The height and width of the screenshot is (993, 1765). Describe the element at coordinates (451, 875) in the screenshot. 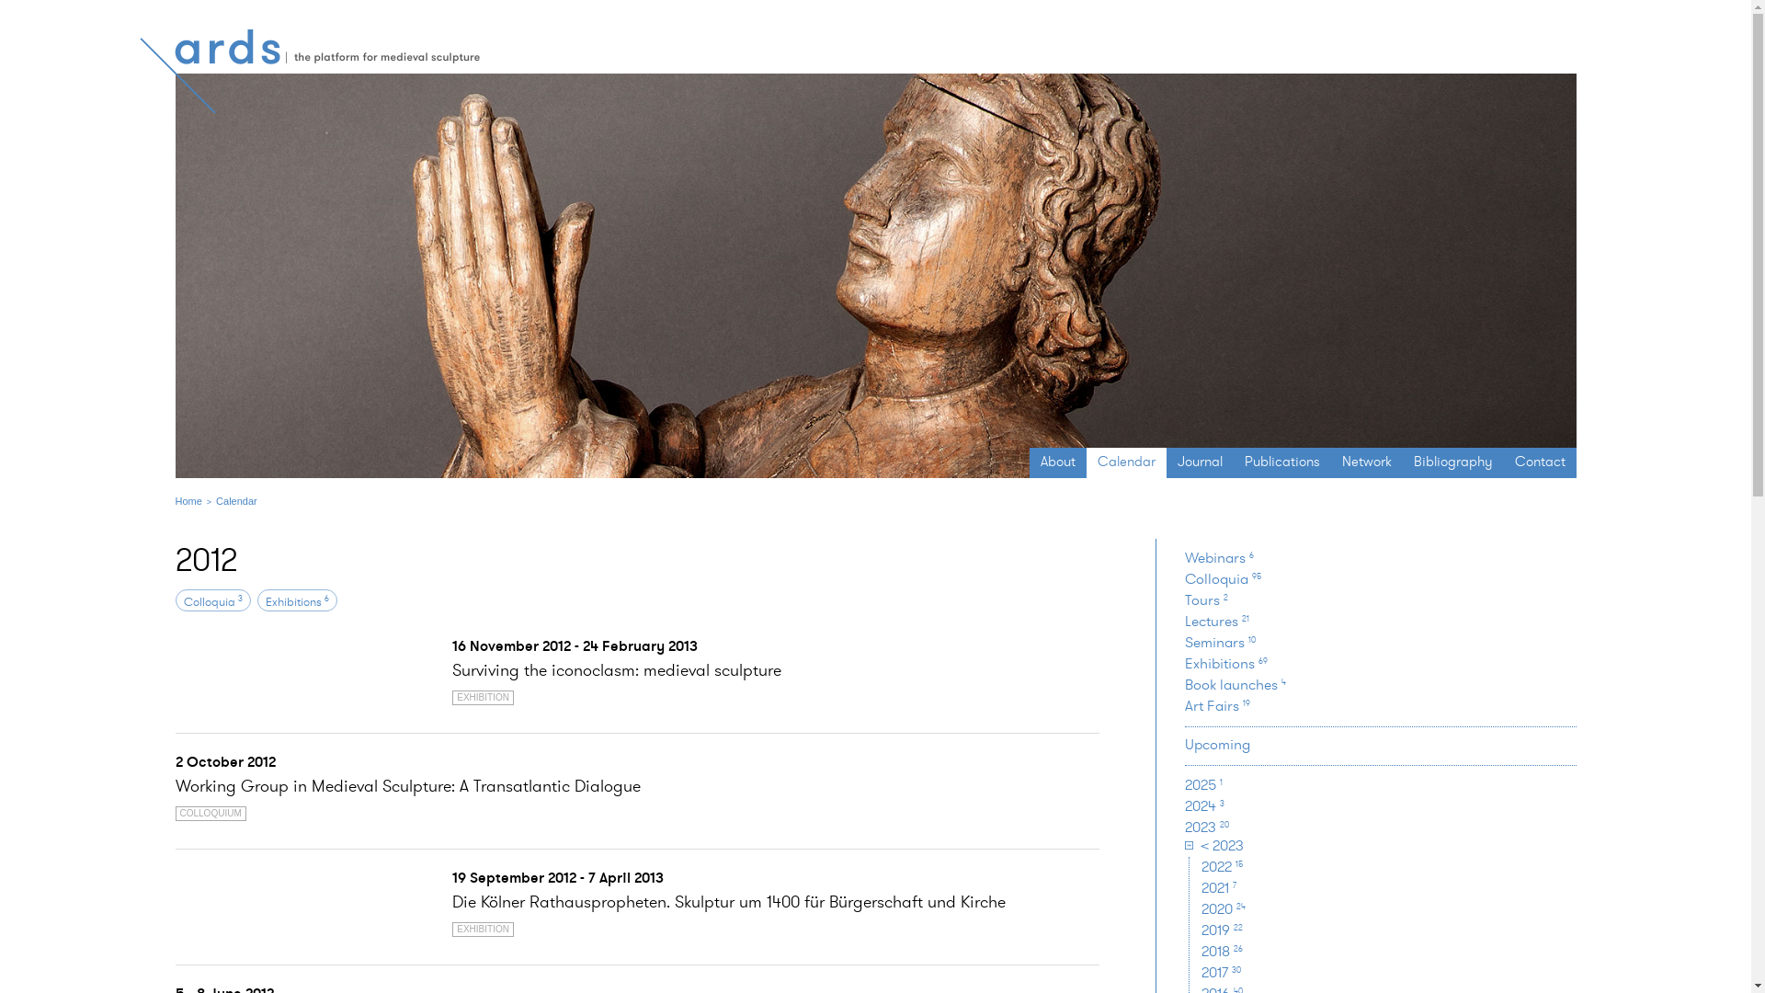

I see `'19 September 2012 - 7 April 2013'` at that location.